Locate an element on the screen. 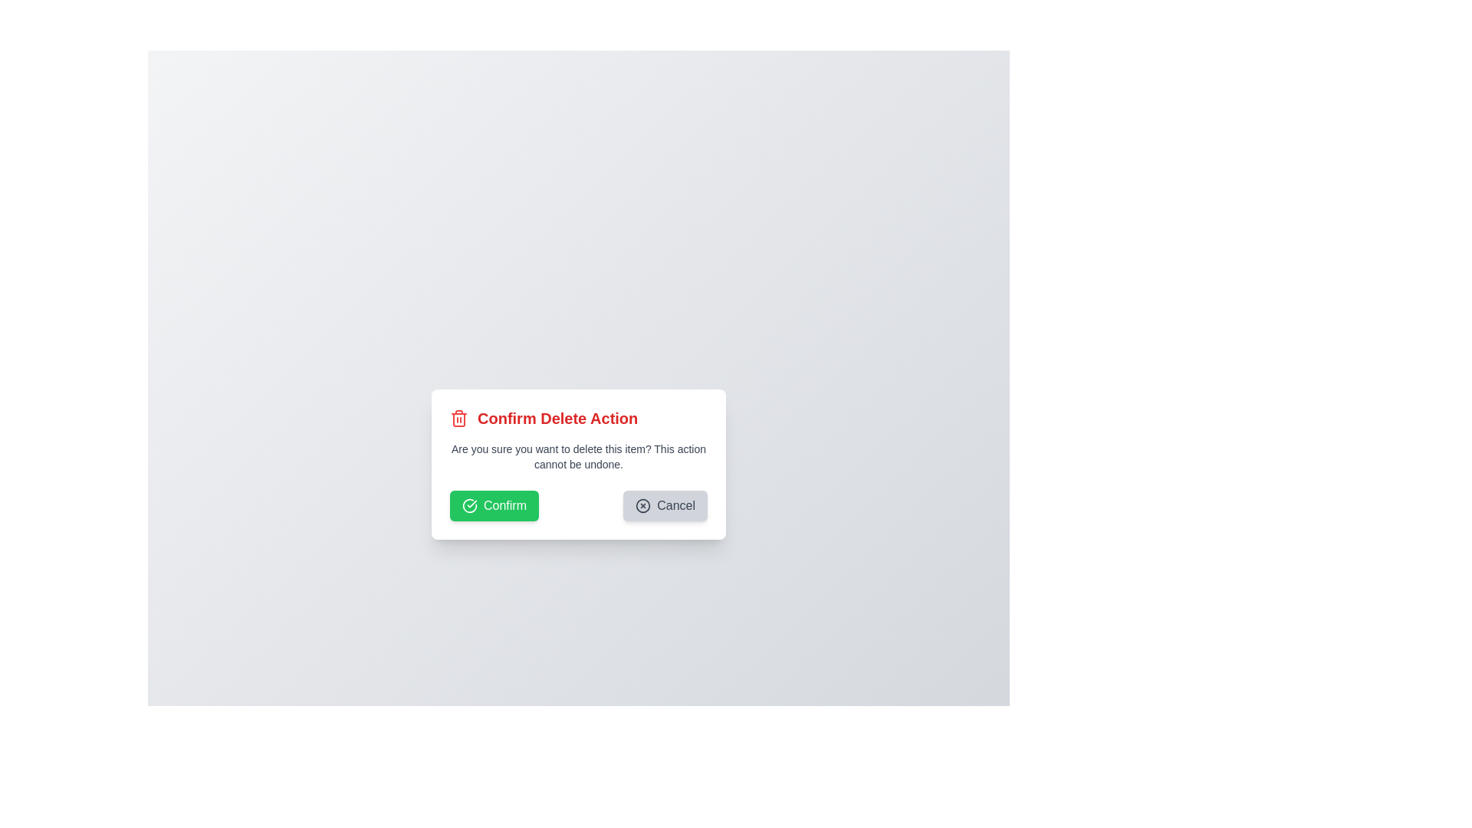  text label that serves as a title or headline for the dialog, indicating the criticality of the action is located at coordinates (557, 419).